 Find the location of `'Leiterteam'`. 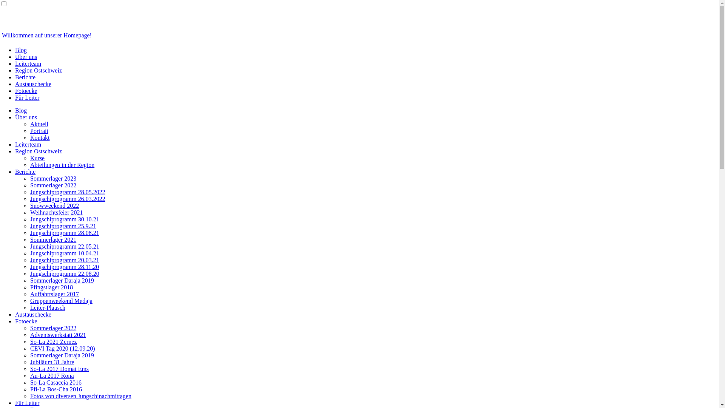

'Leiterteam' is located at coordinates (28, 144).